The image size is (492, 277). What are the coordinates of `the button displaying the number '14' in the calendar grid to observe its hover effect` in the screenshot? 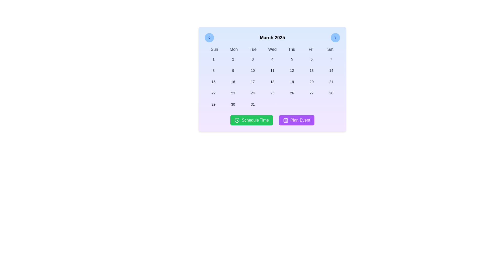 It's located at (331, 70).